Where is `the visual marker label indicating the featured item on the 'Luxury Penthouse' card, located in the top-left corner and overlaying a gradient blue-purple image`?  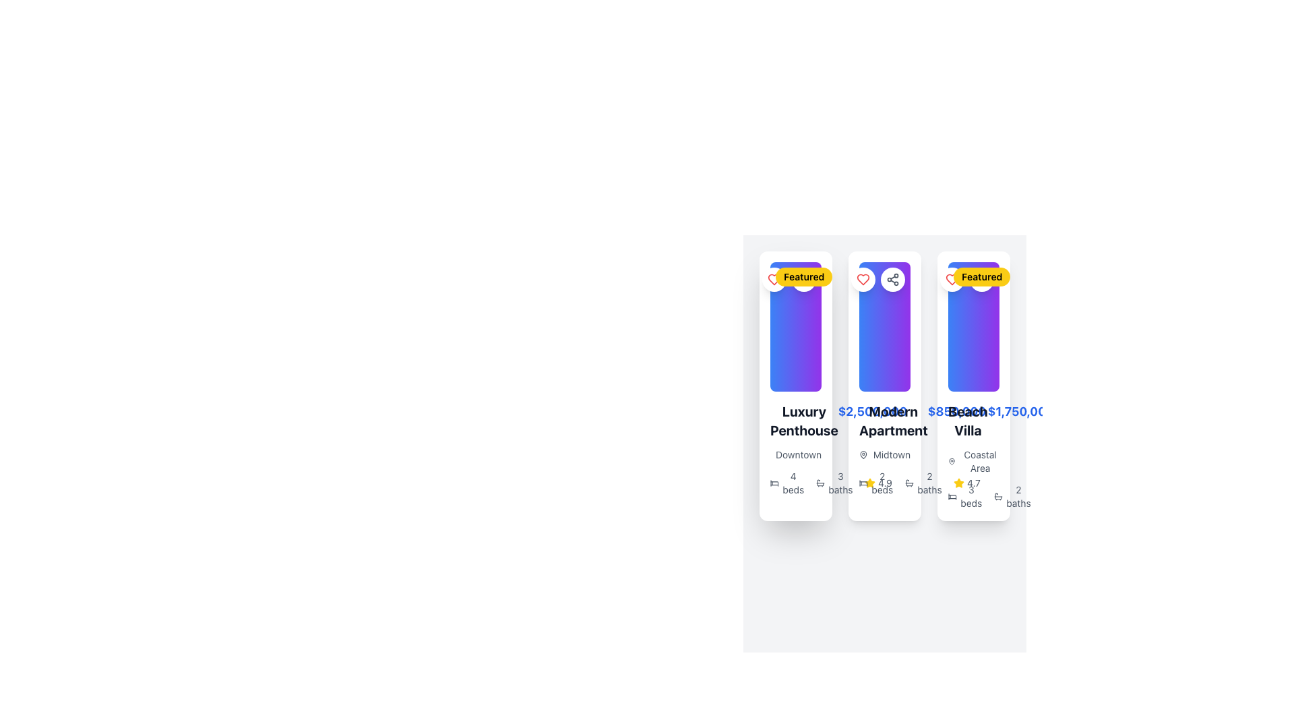 the visual marker label indicating the featured item on the 'Luxury Penthouse' card, located in the top-left corner and overlaying a gradient blue-purple image is located at coordinates (804, 276).